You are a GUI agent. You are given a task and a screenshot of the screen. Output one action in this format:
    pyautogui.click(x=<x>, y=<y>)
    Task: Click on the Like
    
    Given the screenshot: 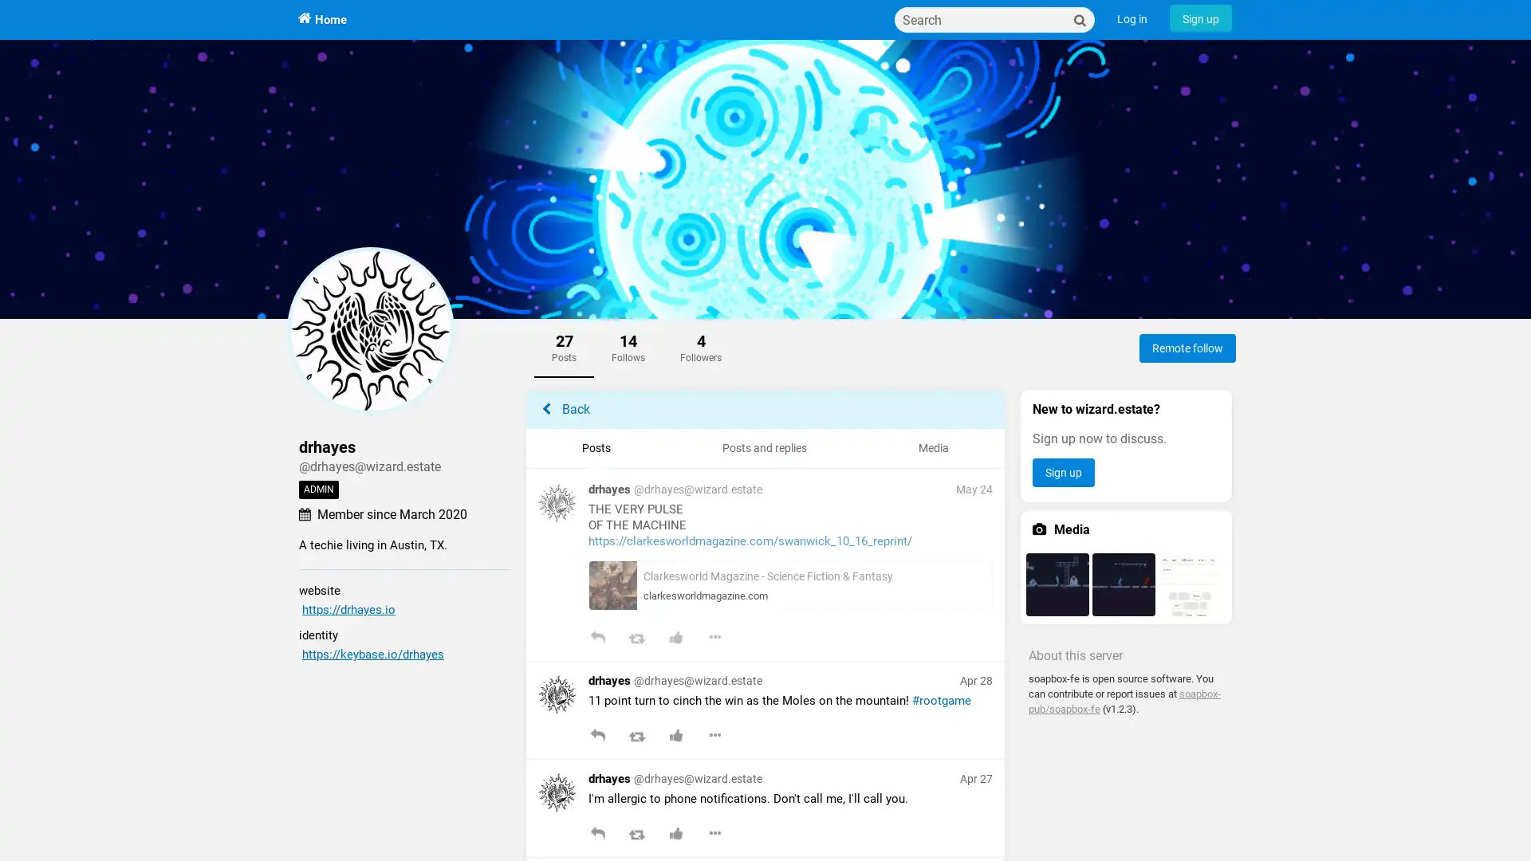 What is the action you would take?
    pyautogui.click(x=675, y=737)
    